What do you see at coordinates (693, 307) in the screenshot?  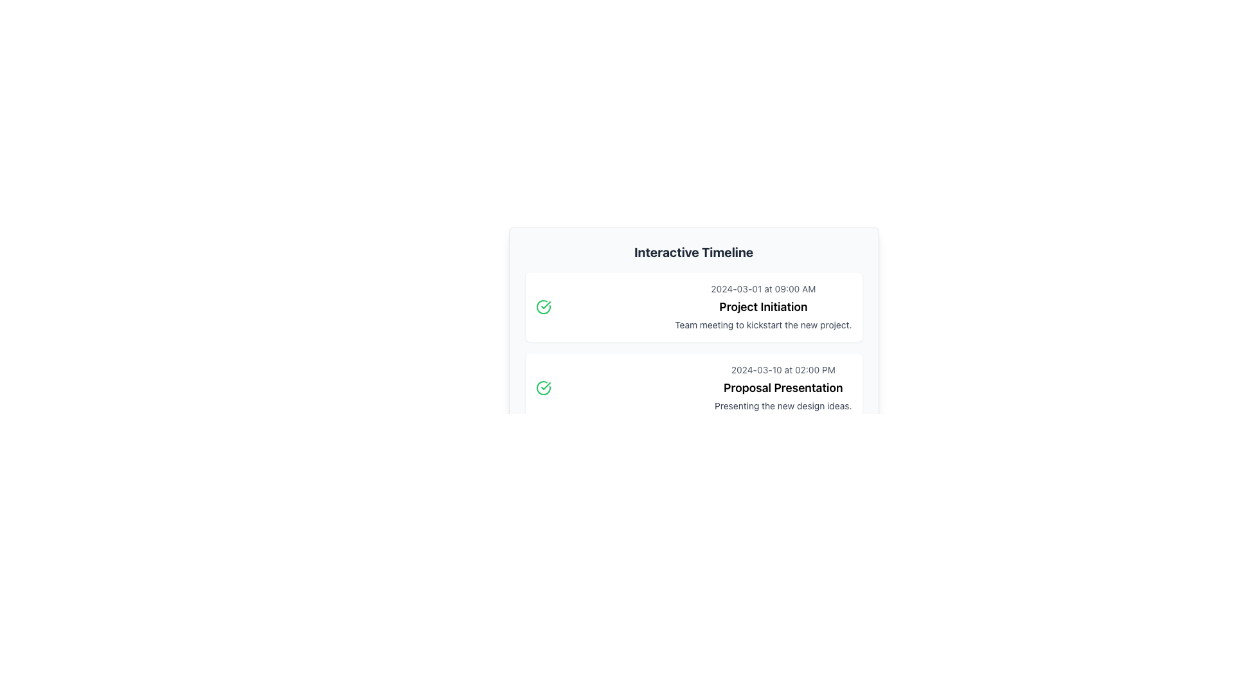 I see `contents of the first timeline entry that displays a meeting, including its date, time, title, and description` at bounding box center [693, 307].